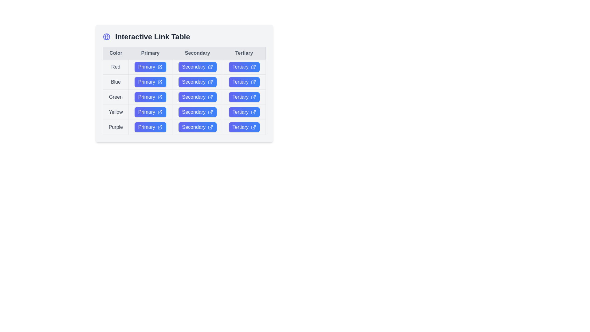 The image size is (590, 332). Describe the element at coordinates (184, 90) in the screenshot. I see `a link within the data table that displays categorized links related to colors, located centrally below the heading 'Interactive Link Table'` at that location.